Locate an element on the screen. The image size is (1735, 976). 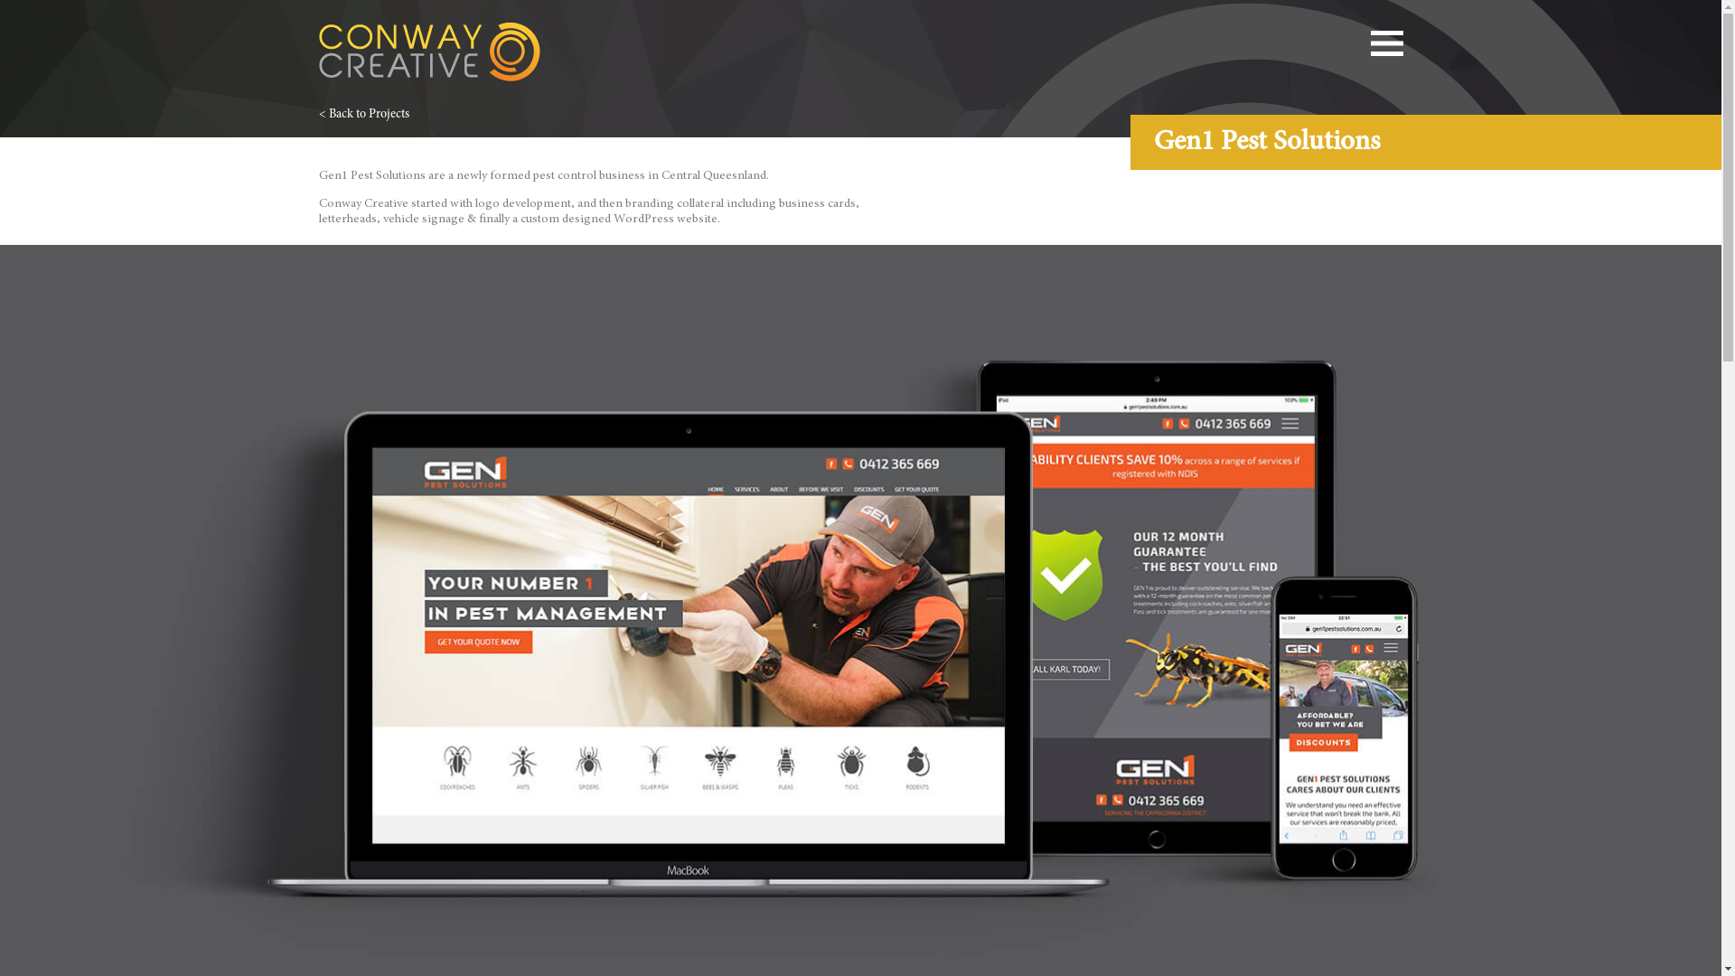
'< Back to Projects' is located at coordinates (317, 115).